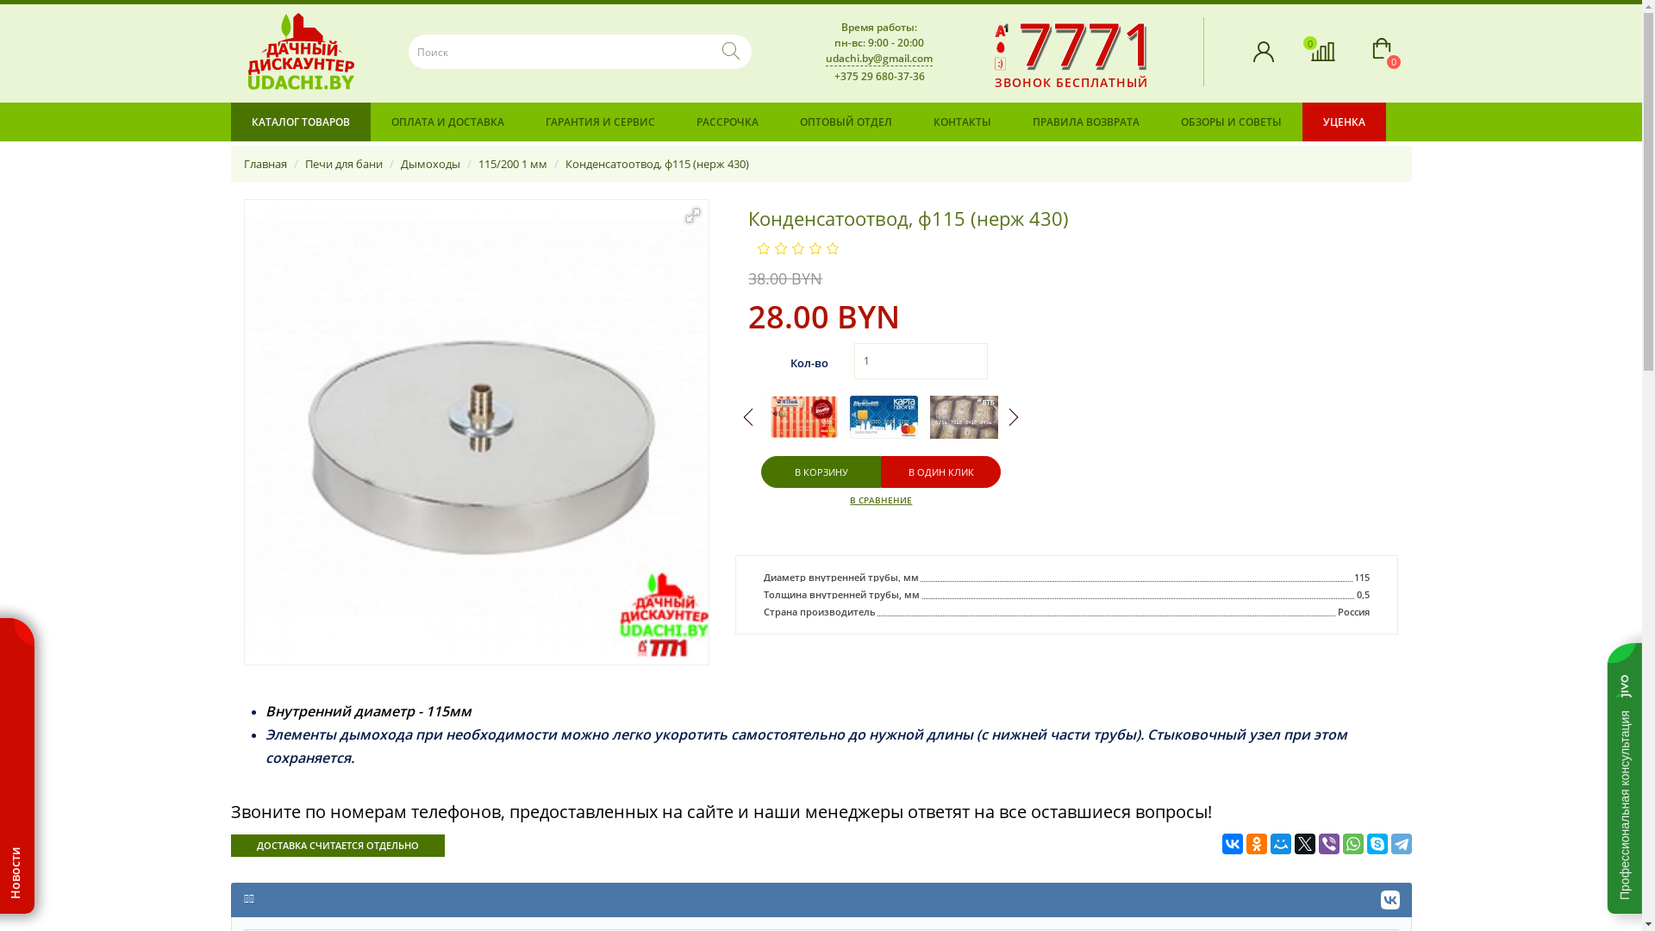  Describe the element at coordinates (825, 56) in the screenshot. I see `'udachi.by@gmail.com'` at that location.